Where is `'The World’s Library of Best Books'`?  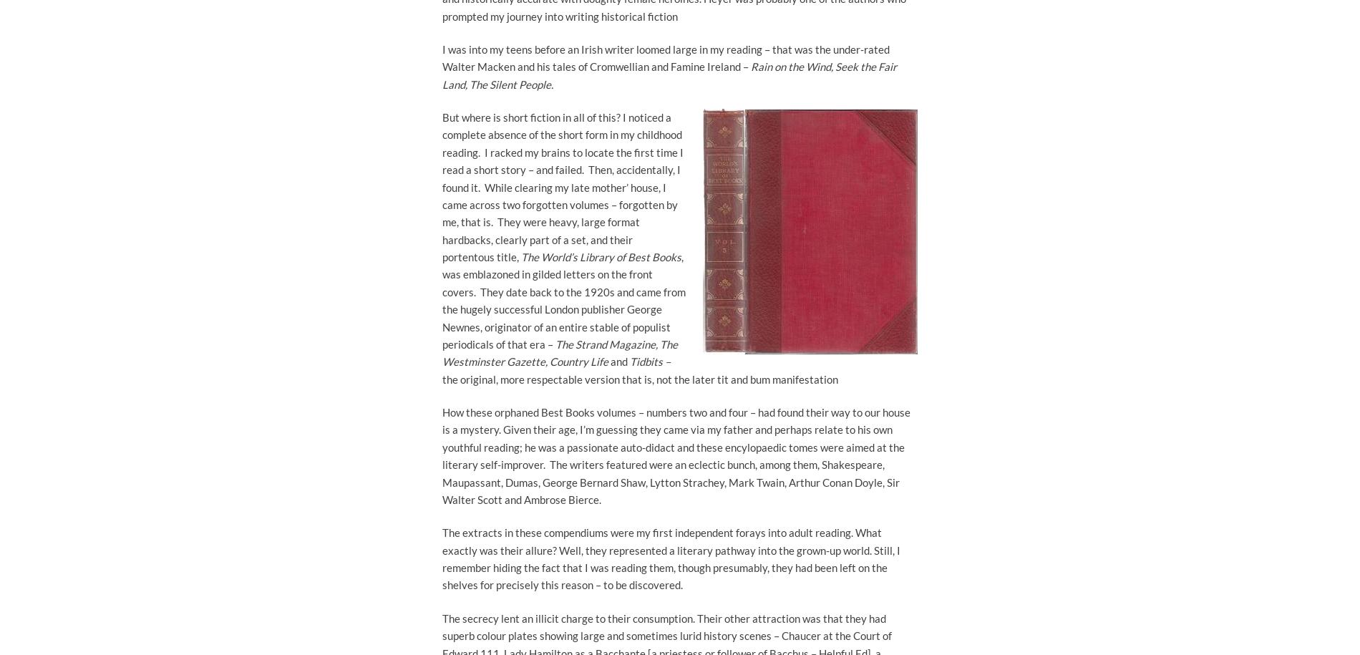 'The World’s Library of Best Books' is located at coordinates (600, 256).